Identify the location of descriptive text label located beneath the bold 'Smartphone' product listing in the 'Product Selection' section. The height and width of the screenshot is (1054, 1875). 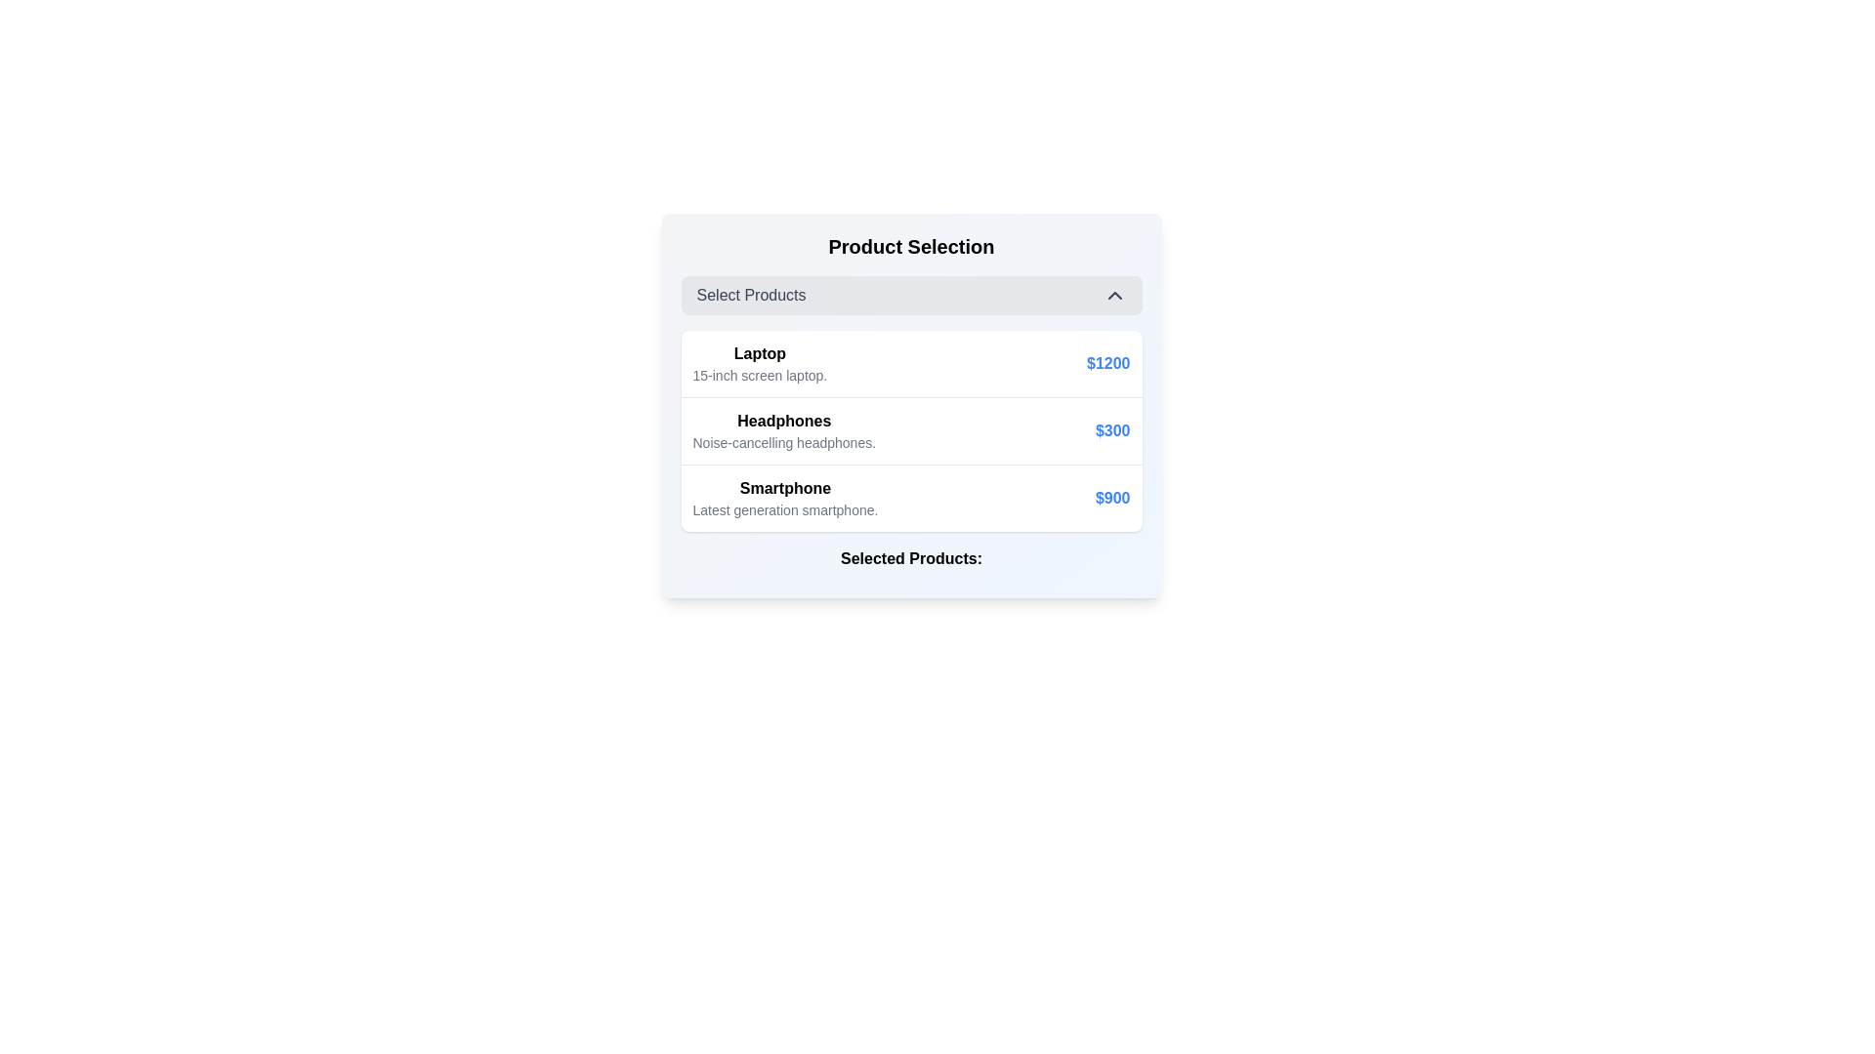
(785, 509).